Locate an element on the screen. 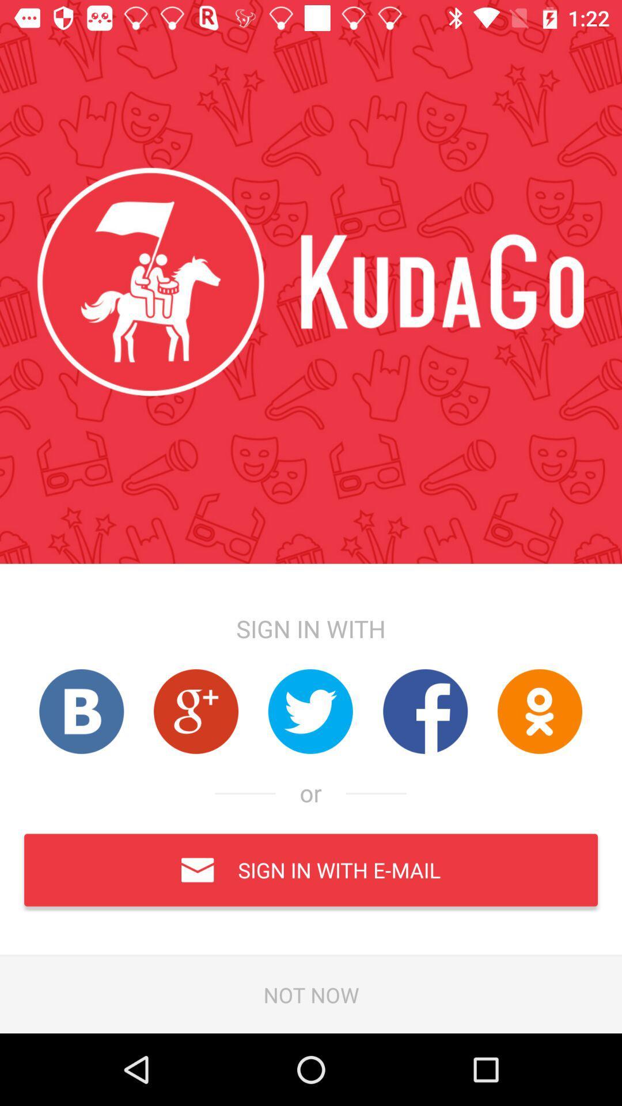 The height and width of the screenshot is (1106, 622). bing is located at coordinates (81, 711).